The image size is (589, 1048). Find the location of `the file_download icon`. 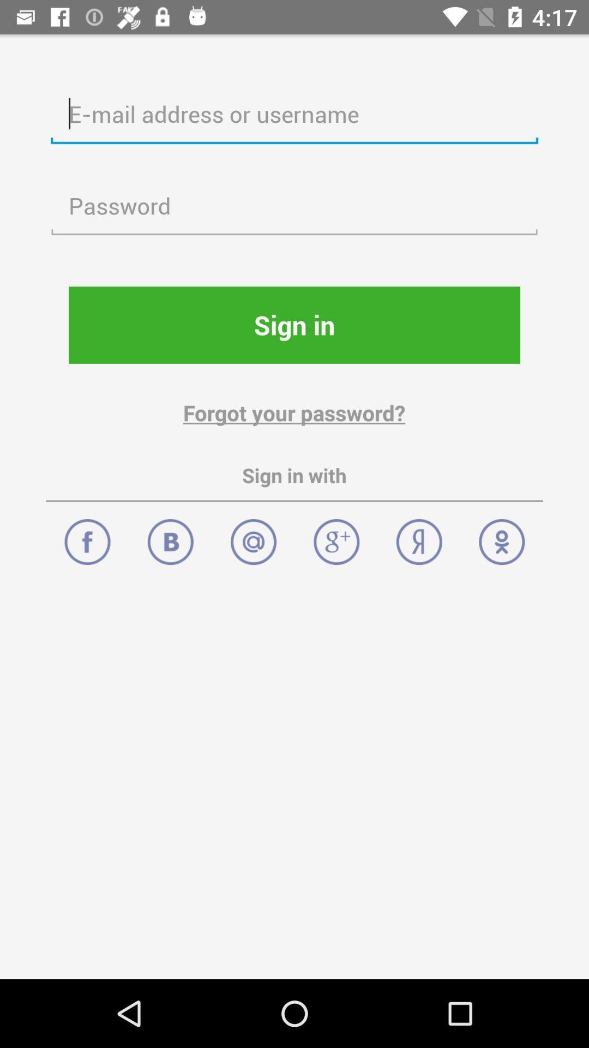

the file_download icon is located at coordinates (170, 536).